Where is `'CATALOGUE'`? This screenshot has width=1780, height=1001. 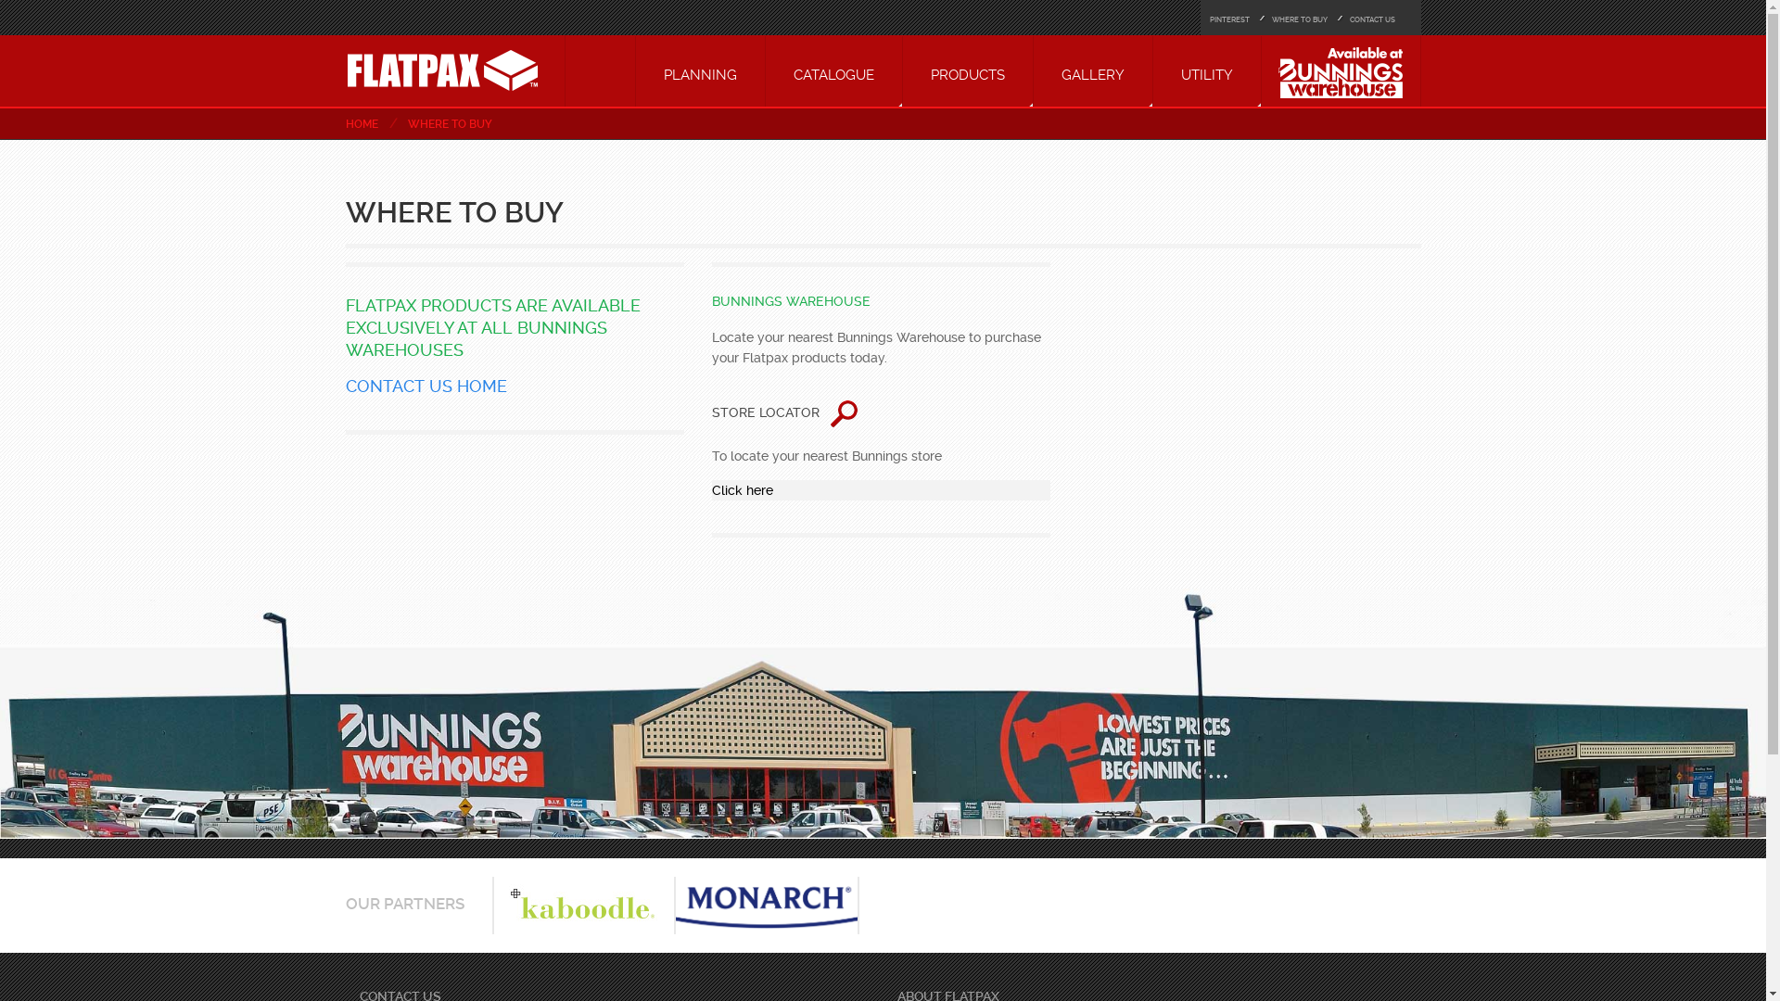
'CATALOGUE' is located at coordinates (833, 70).